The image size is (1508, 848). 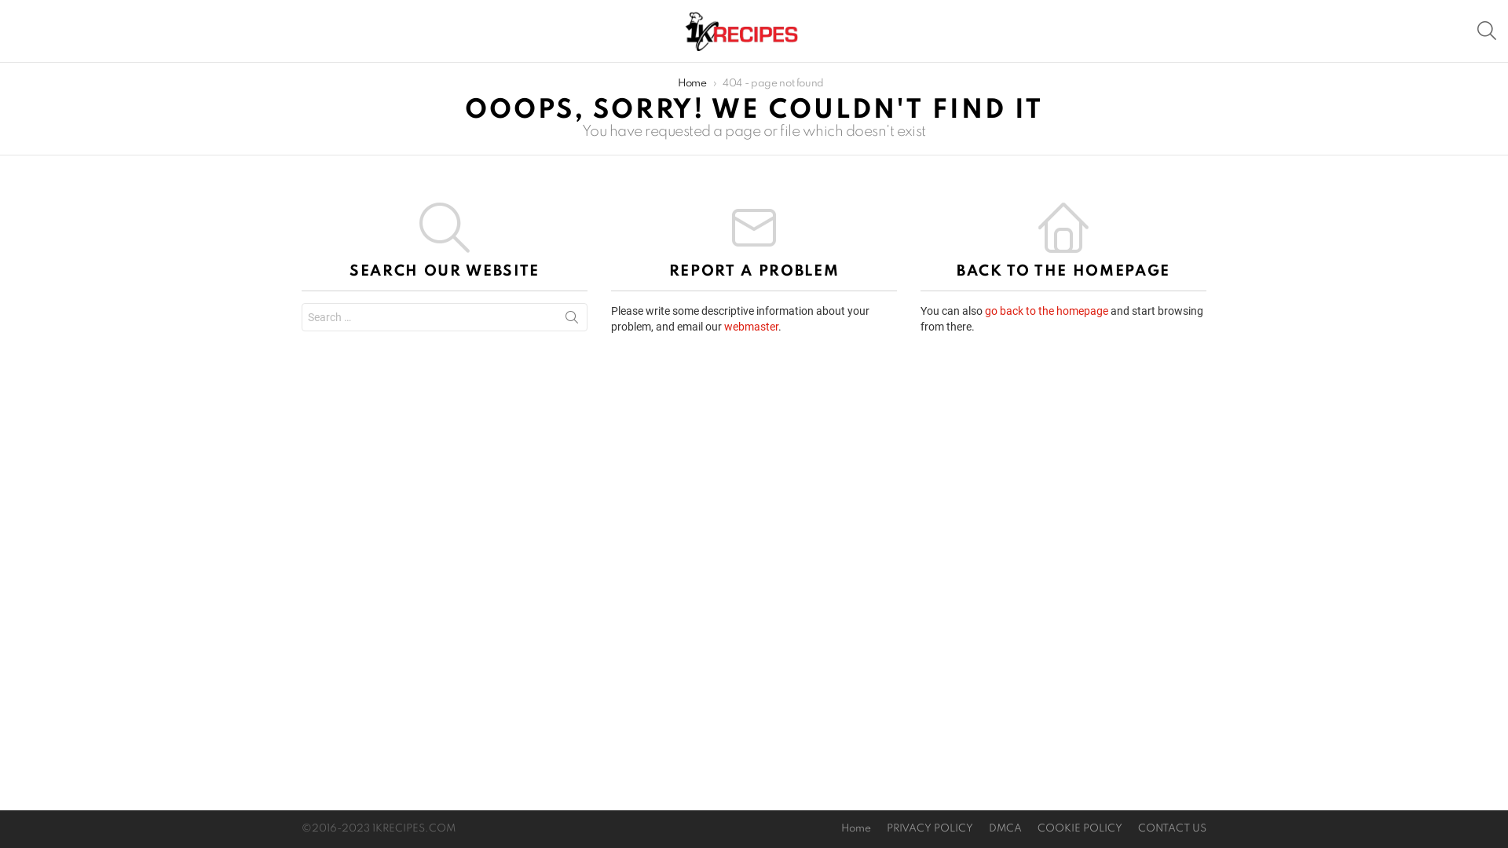 What do you see at coordinates (1078, 828) in the screenshot?
I see `'COOKIE POLICY'` at bounding box center [1078, 828].